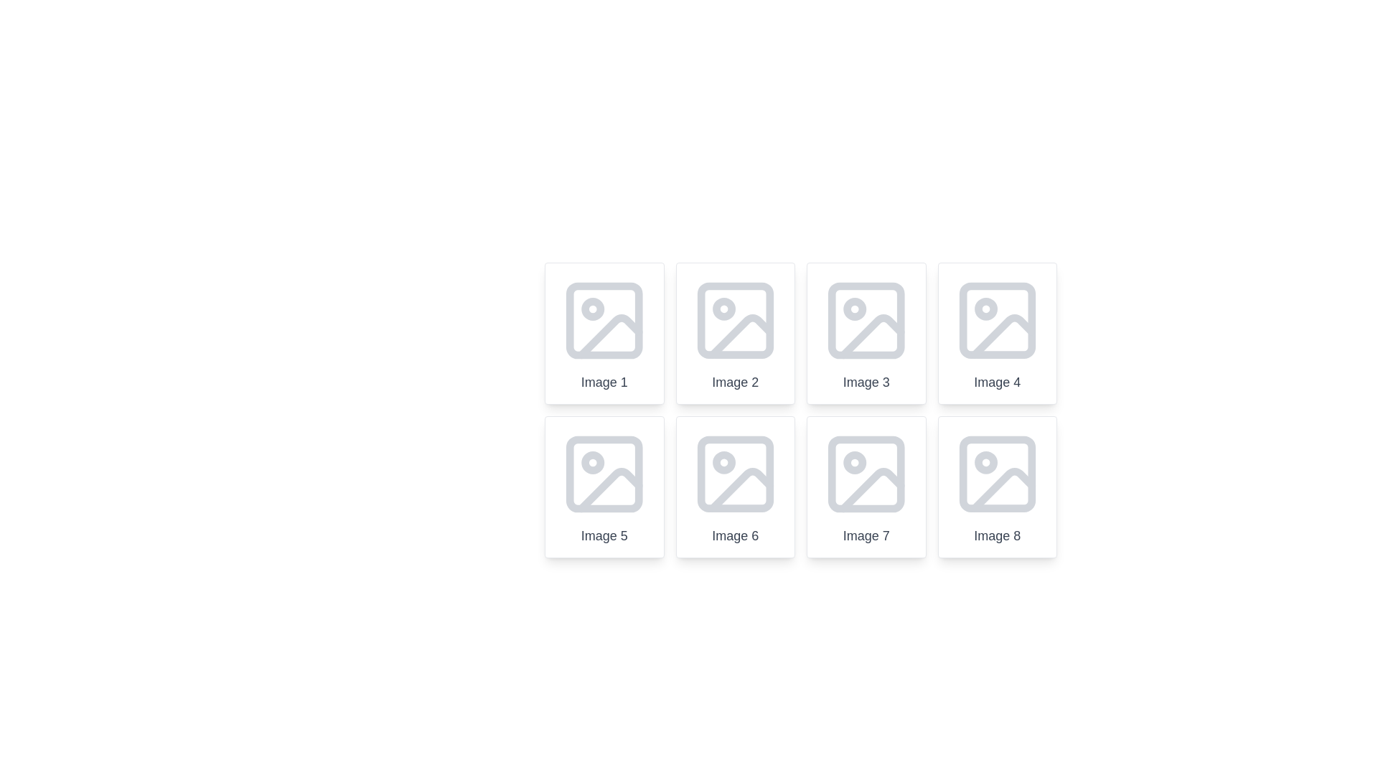  What do you see at coordinates (735, 320) in the screenshot?
I see `the rectangular graphic icon representing the image placeholder located in the upper-left corner of the SVG illustration, near the label 'Image 2'` at bounding box center [735, 320].